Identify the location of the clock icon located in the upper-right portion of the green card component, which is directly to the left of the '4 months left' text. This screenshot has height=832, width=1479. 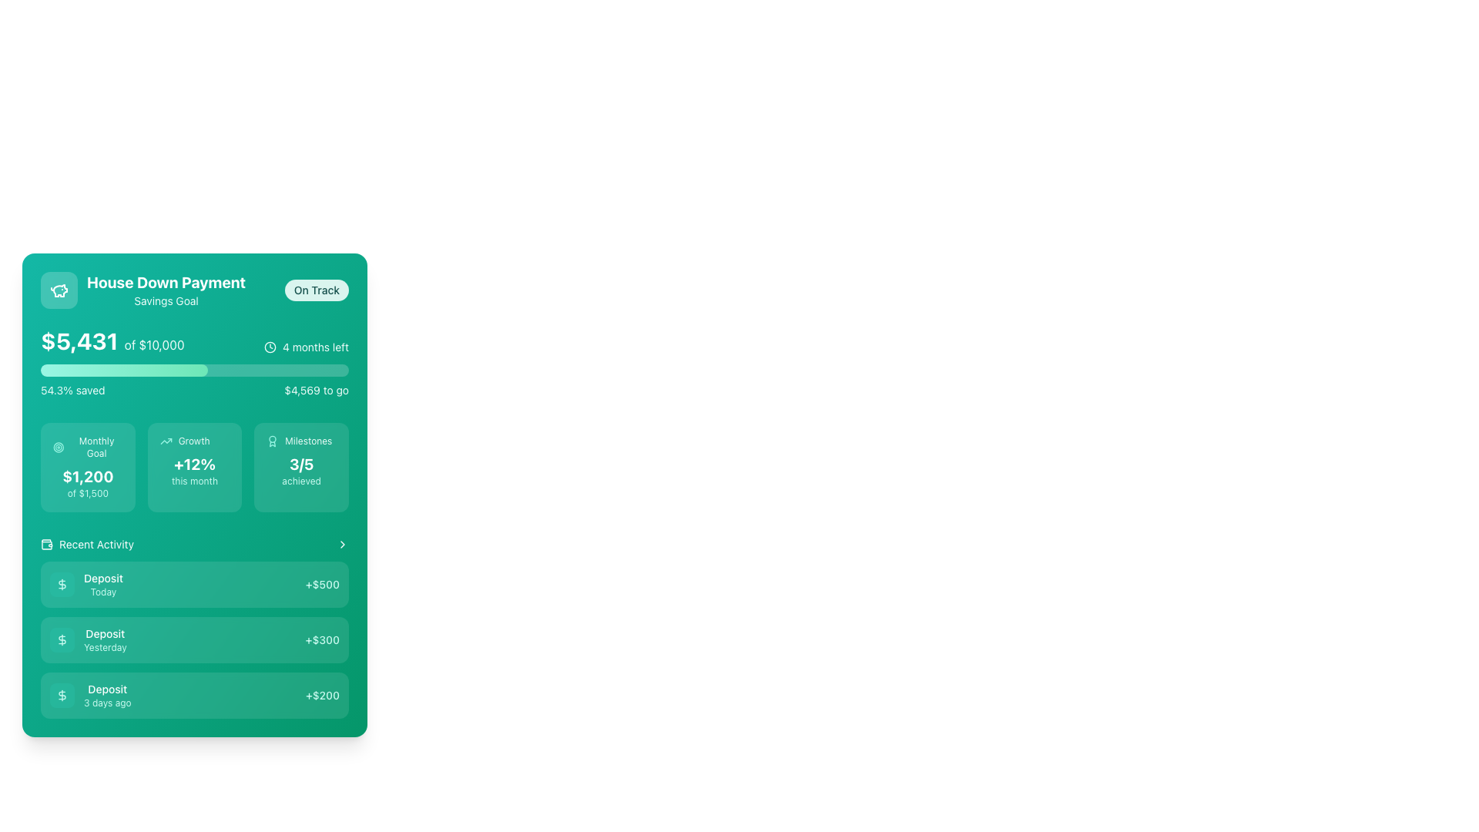
(270, 347).